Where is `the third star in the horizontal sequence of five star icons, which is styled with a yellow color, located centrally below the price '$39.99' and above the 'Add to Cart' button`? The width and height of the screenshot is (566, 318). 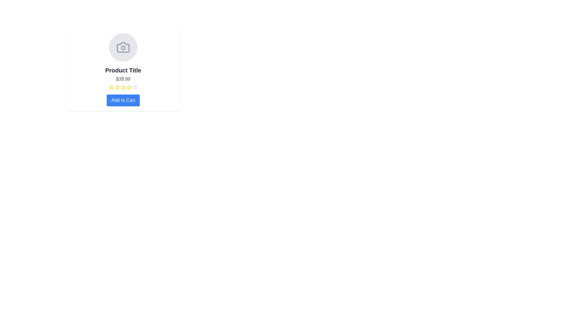
the third star in the horizontal sequence of five star icons, which is styled with a yellow color, located centrally below the price '$39.99' and above the 'Add to Cart' button is located at coordinates (123, 87).